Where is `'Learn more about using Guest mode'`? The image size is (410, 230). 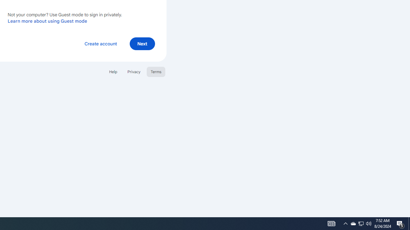
'Learn more about using Guest mode' is located at coordinates (47, 20).